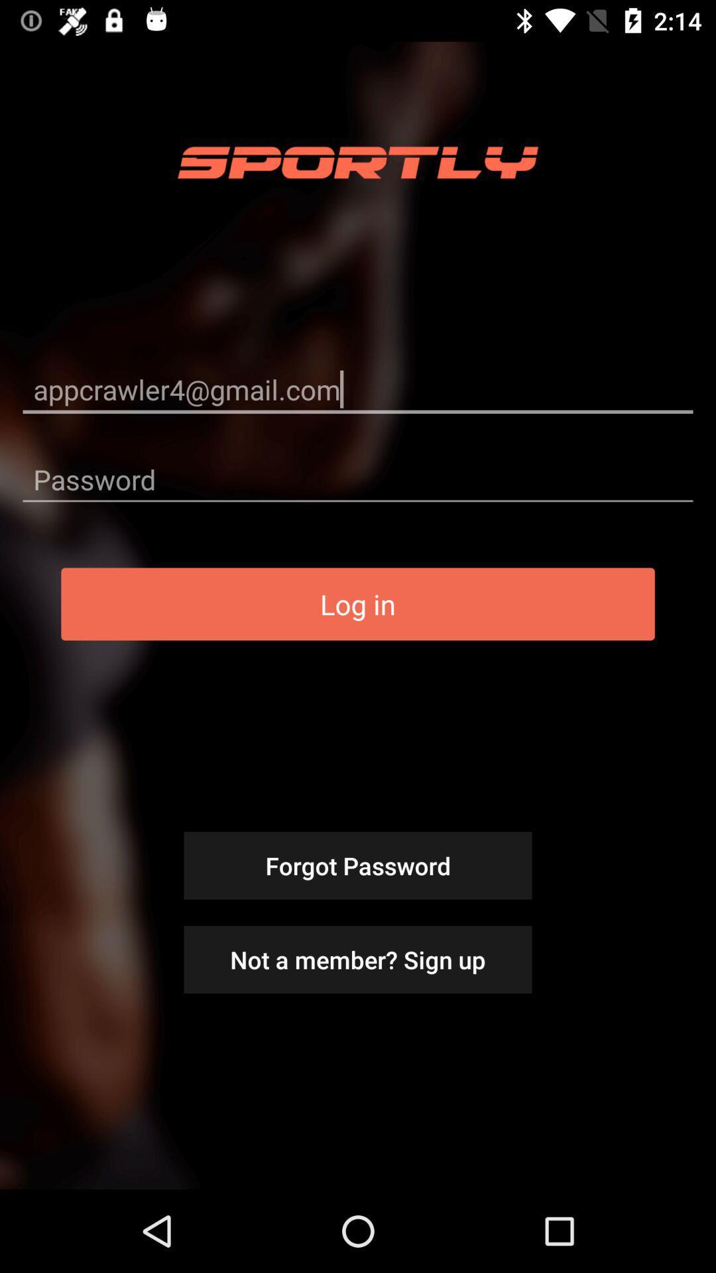  Describe the element at coordinates (358, 865) in the screenshot. I see `forgot password` at that location.